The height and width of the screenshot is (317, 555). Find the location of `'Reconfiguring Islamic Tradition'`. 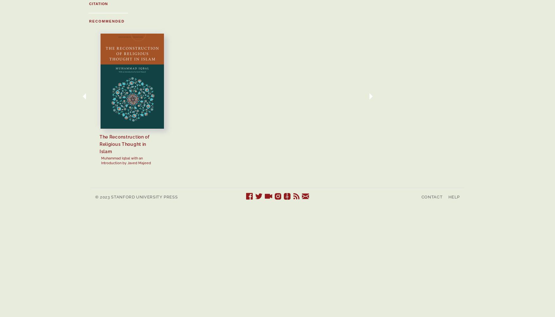

'Reconfiguring Islamic Tradition' is located at coordinates (421, 140).